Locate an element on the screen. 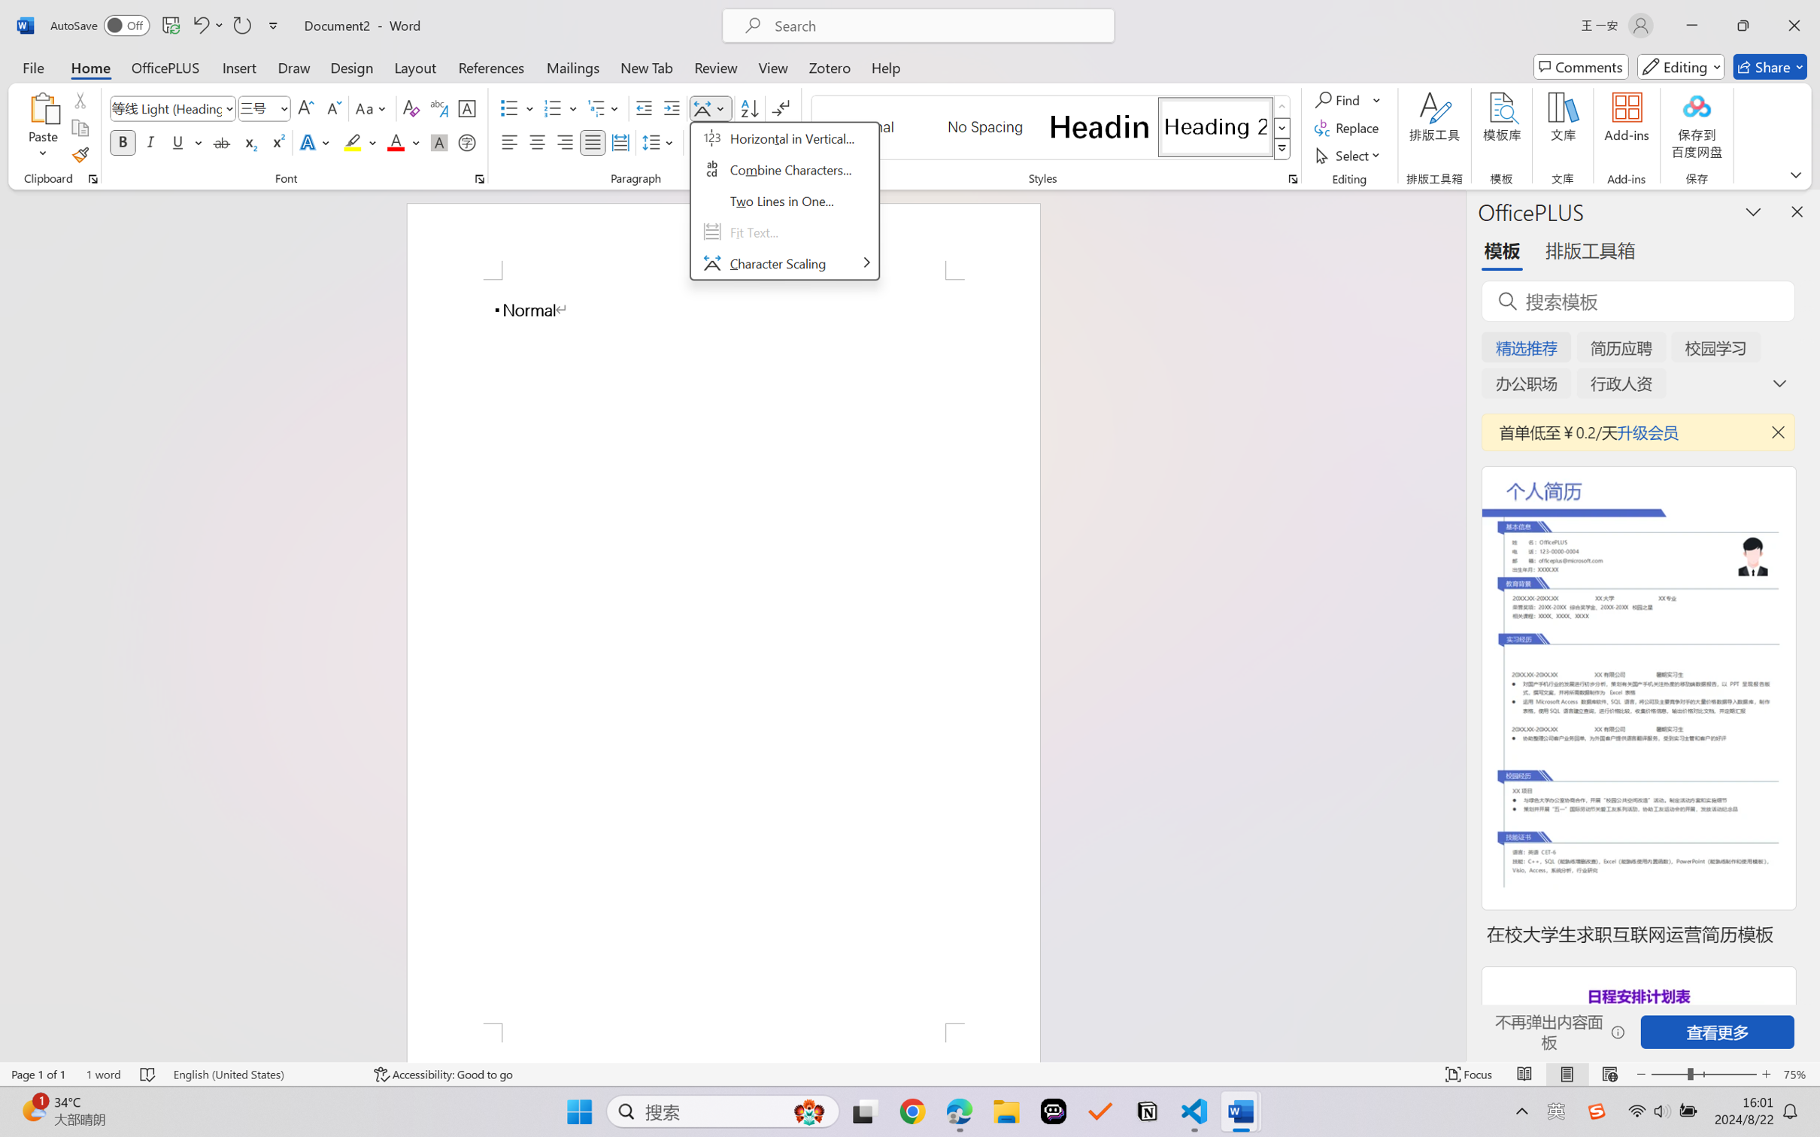 The height and width of the screenshot is (1137, 1820). 'References' is located at coordinates (491, 66).